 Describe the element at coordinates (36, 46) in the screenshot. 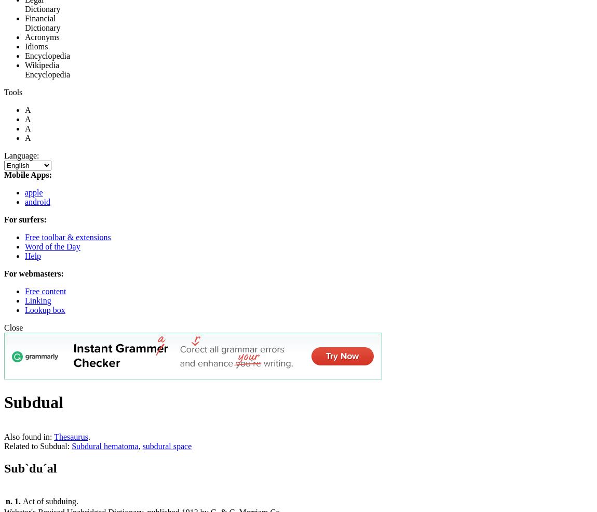

I see `'Idioms'` at that location.